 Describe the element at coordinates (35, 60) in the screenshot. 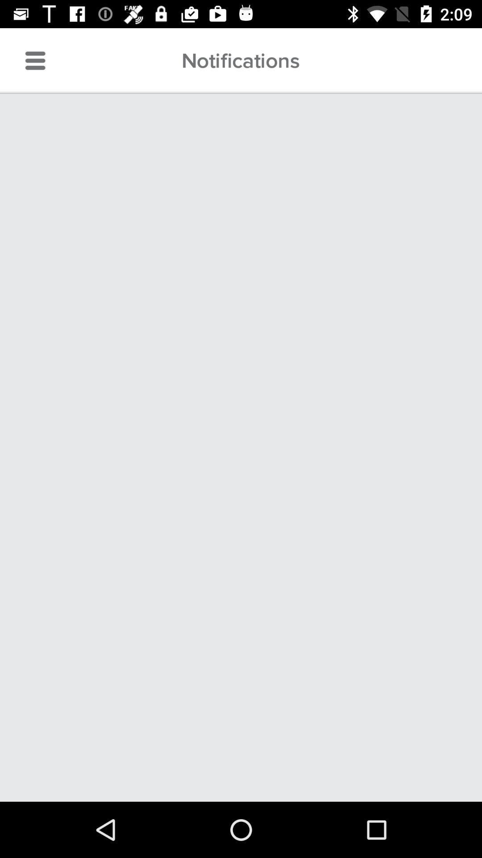

I see `the menu icon` at that location.